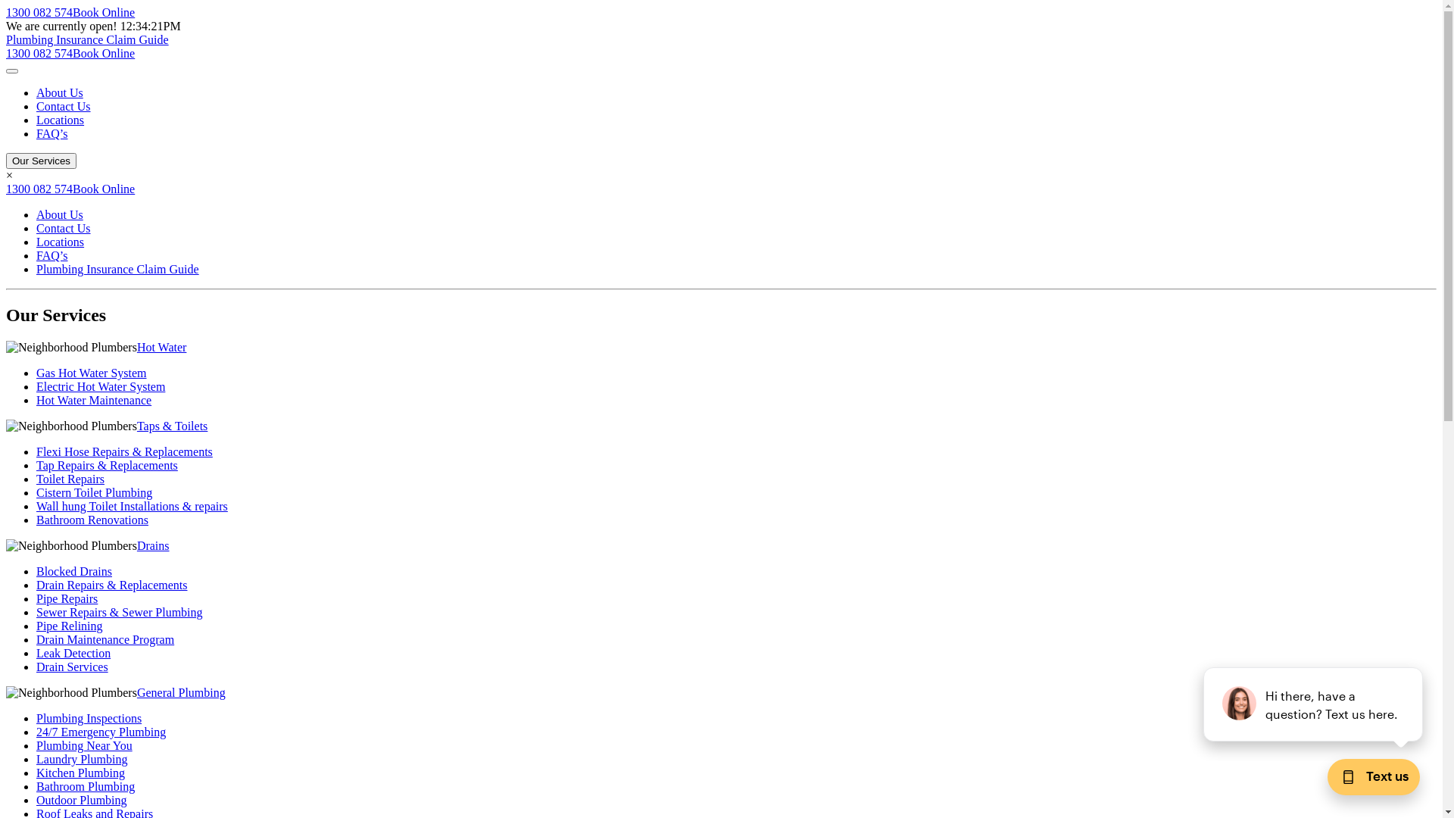 This screenshot has height=818, width=1454. What do you see at coordinates (162, 347) in the screenshot?
I see `'Hot Water'` at bounding box center [162, 347].